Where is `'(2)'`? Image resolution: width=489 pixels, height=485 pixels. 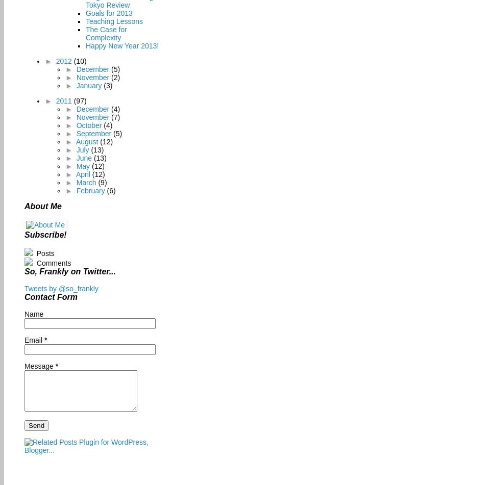
'(2)' is located at coordinates (115, 77).